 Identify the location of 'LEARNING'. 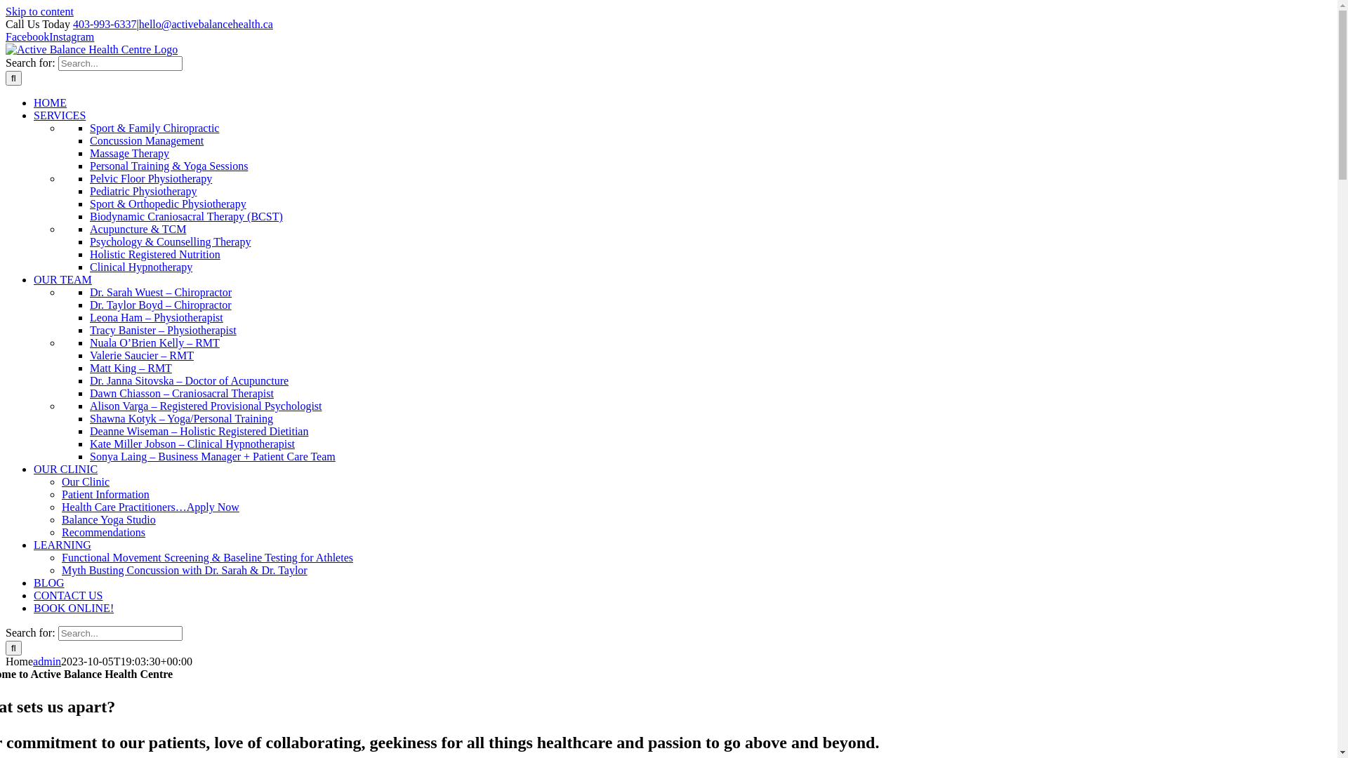
(62, 544).